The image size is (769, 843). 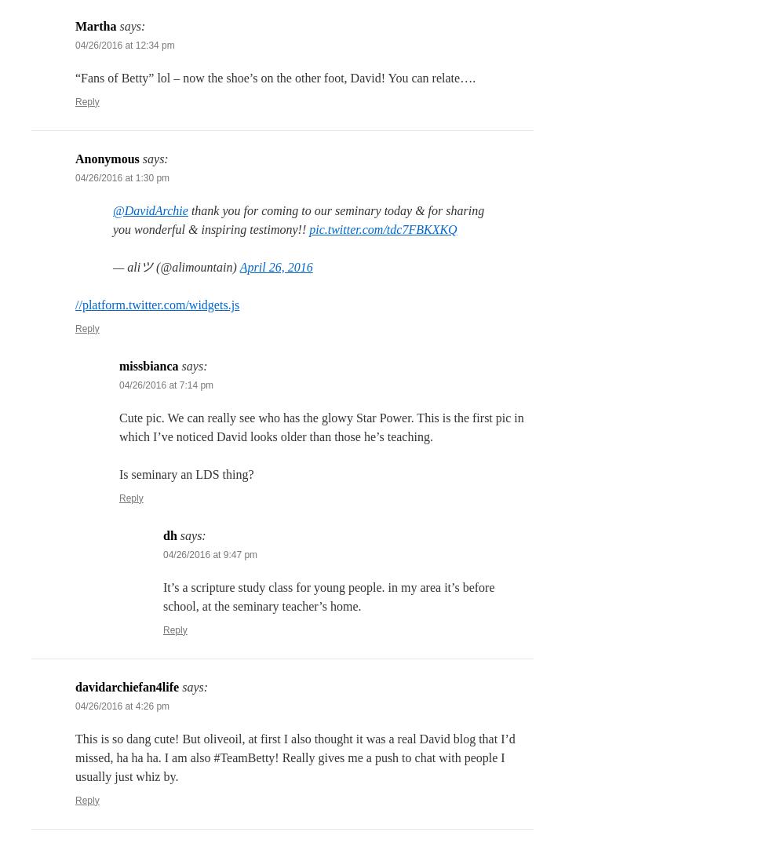 I want to click on '//platform.twitter.com/widgets.js', so click(x=157, y=304).